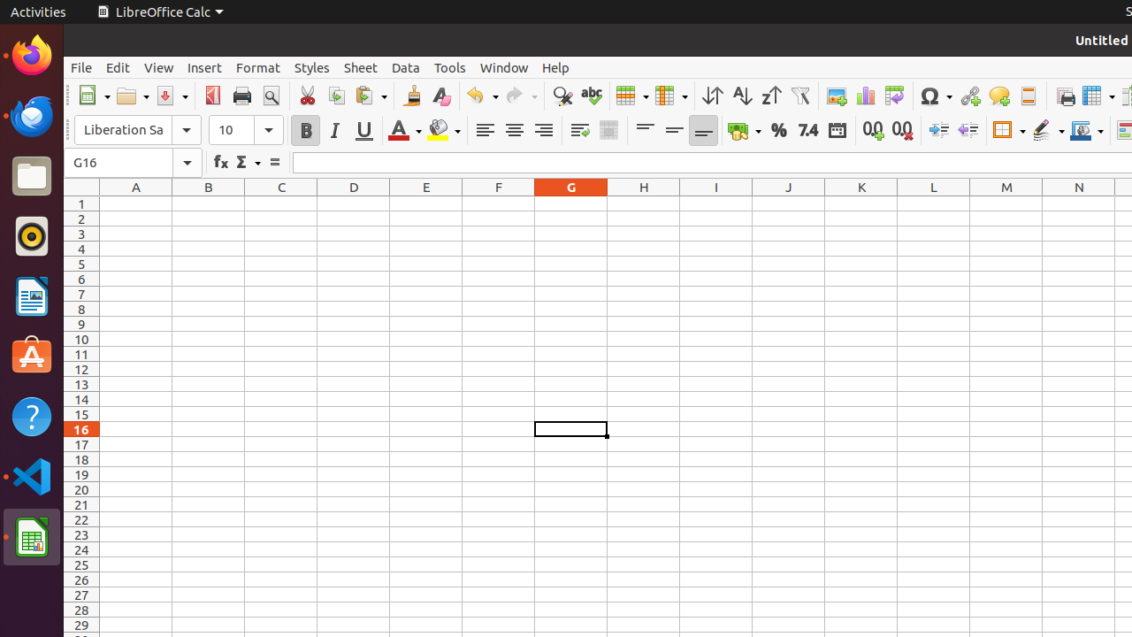  What do you see at coordinates (561, 96) in the screenshot?
I see `'Find & Replace'` at bounding box center [561, 96].